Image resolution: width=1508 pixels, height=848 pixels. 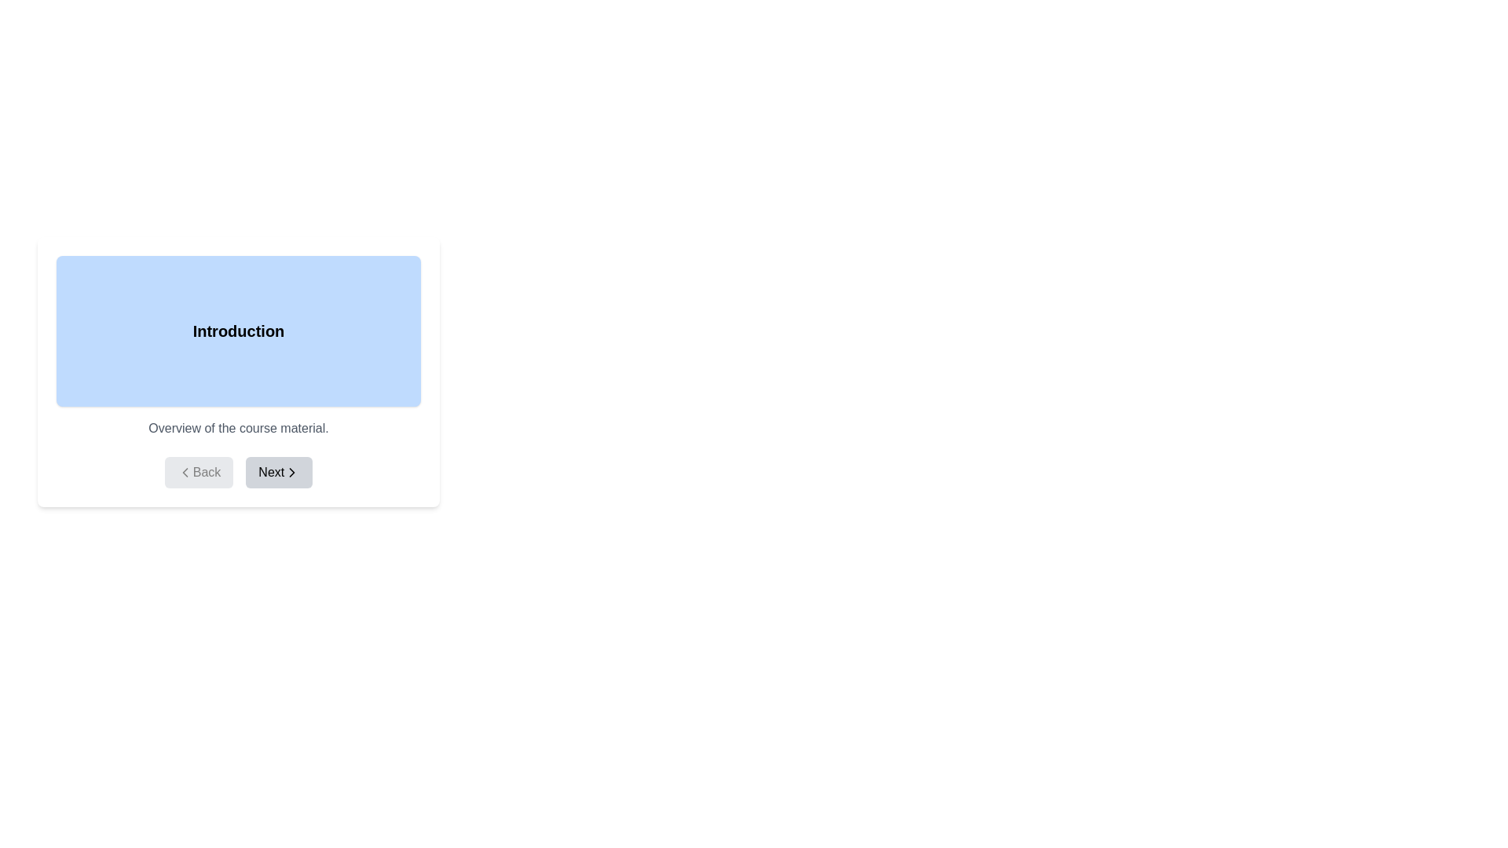 I want to click on the 'Back' button with a light-gray background and black text, located to the left of the 'Next' button at the bottom of a card-like component, so click(x=198, y=471).